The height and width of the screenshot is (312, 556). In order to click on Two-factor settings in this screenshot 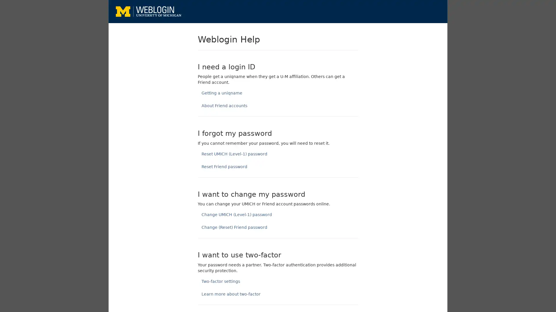, I will do `click(220, 281)`.